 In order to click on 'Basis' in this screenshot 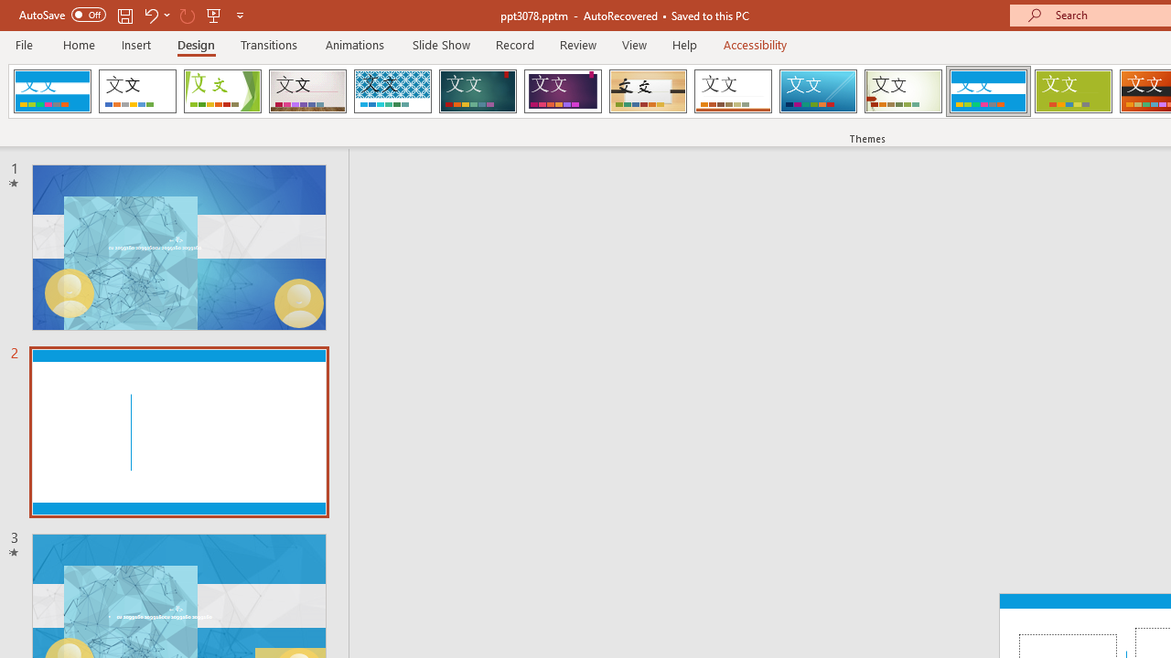, I will do `click(1073, 91)`.